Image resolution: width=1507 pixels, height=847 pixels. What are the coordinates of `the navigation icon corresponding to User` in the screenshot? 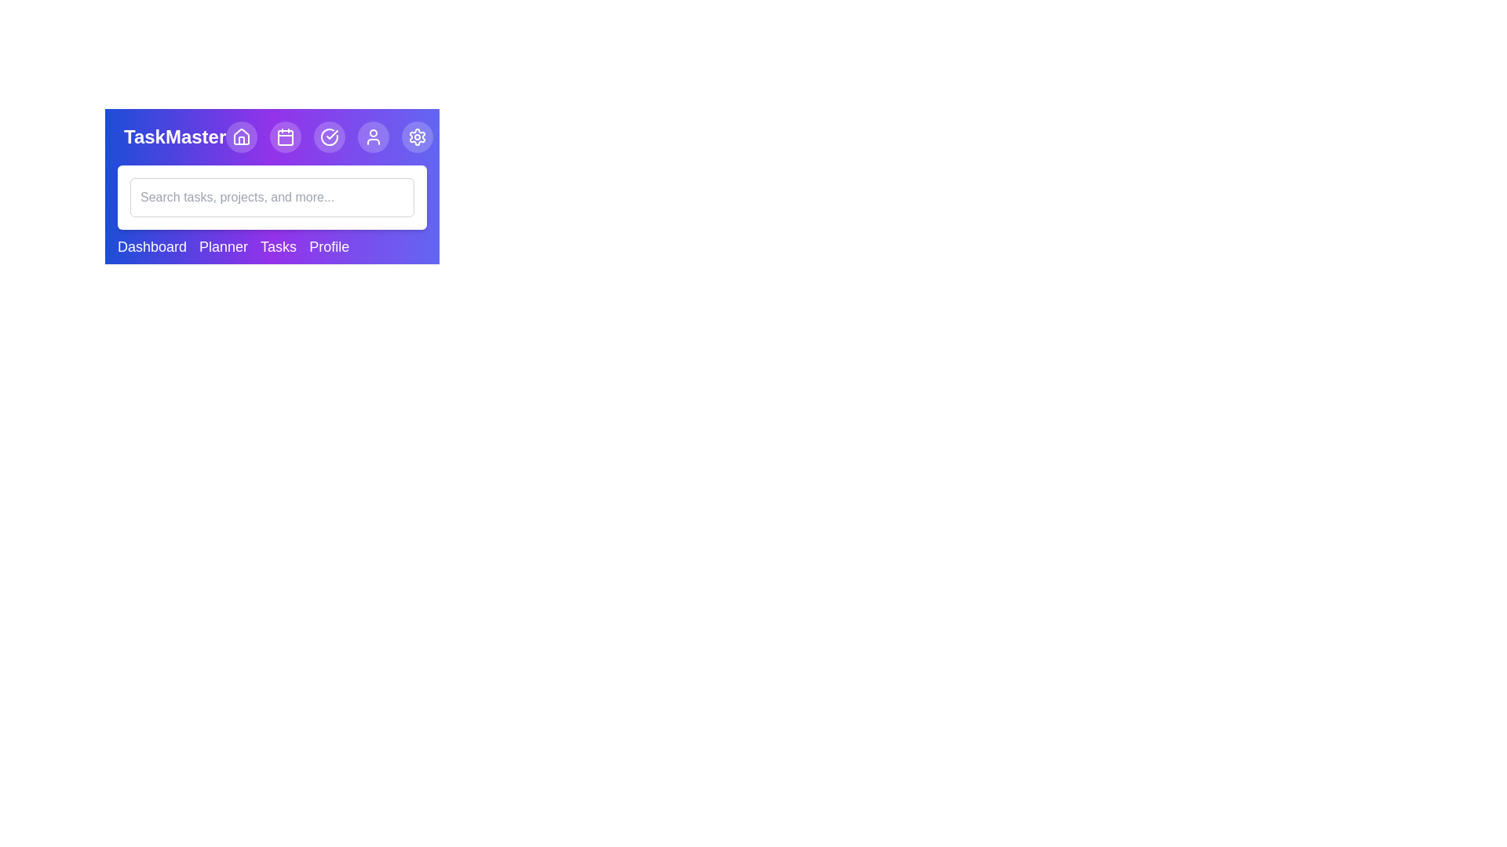 It's located at (373, 136).